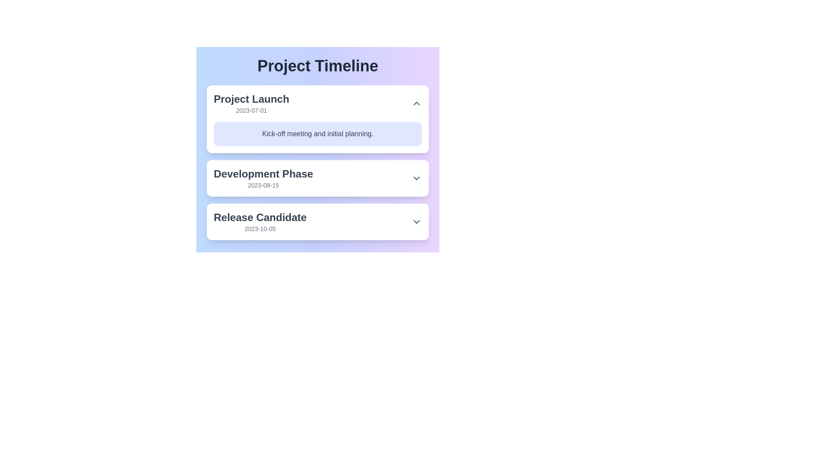 This screenshot has height=470, width=836. I want to click on the downward-pointing gray chevron icon indicating the expandable 'Development Phase' section for visual cue, so click(416, 178).